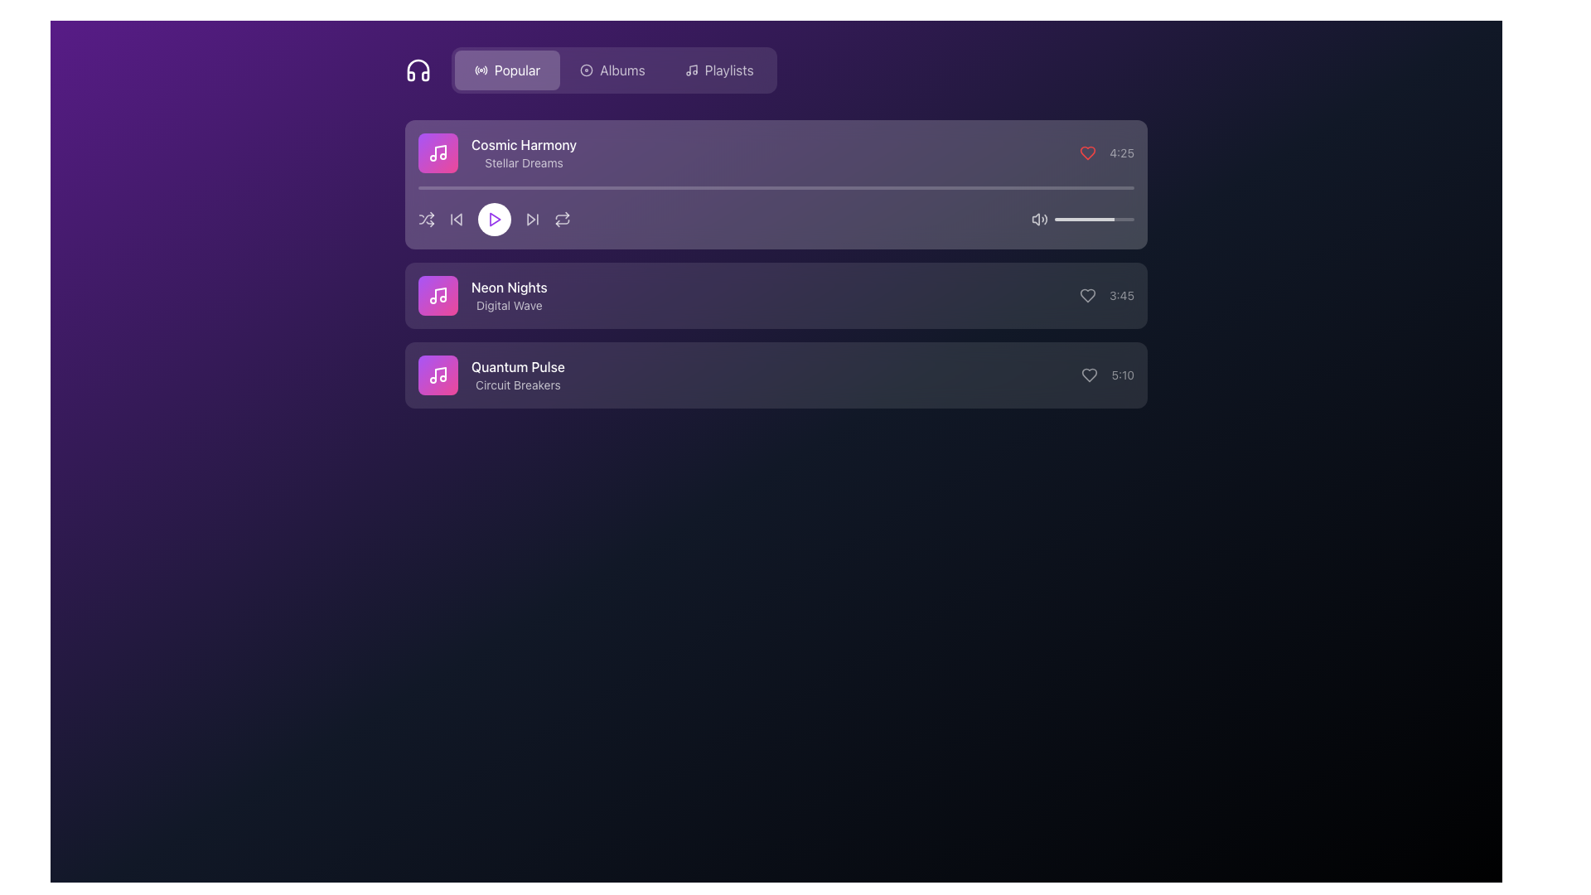 This screenshot has height=895, width=1591. I want to click on the music note SVG icon located in the left section of the Cosmic Harmony list item card, which is positioned near the top-left region of the interface, so click(441, 152).